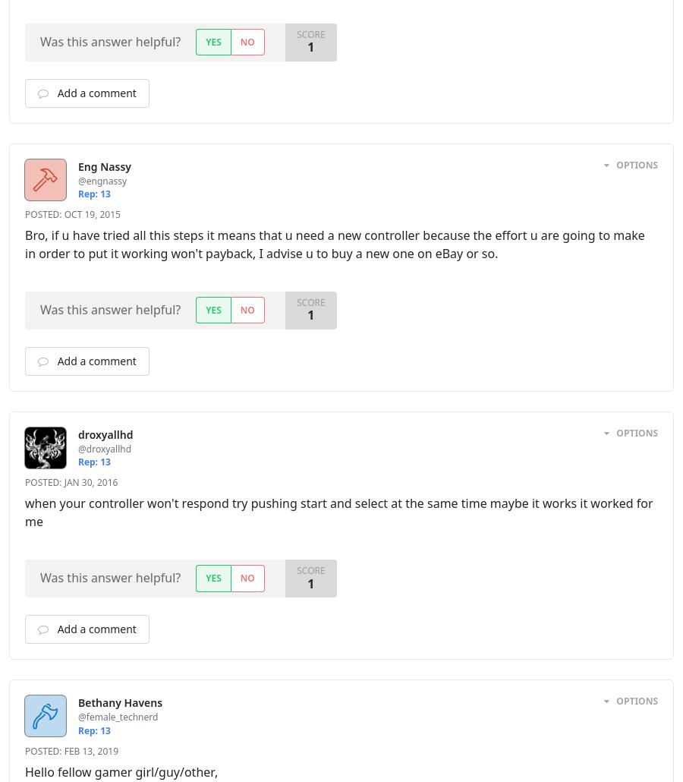 This screenshot has width=683, height=782. What do you see at coordinates (77, 702) in the screenshot?
I see `'Bethany Havens'` at bounding box center [77, 702].